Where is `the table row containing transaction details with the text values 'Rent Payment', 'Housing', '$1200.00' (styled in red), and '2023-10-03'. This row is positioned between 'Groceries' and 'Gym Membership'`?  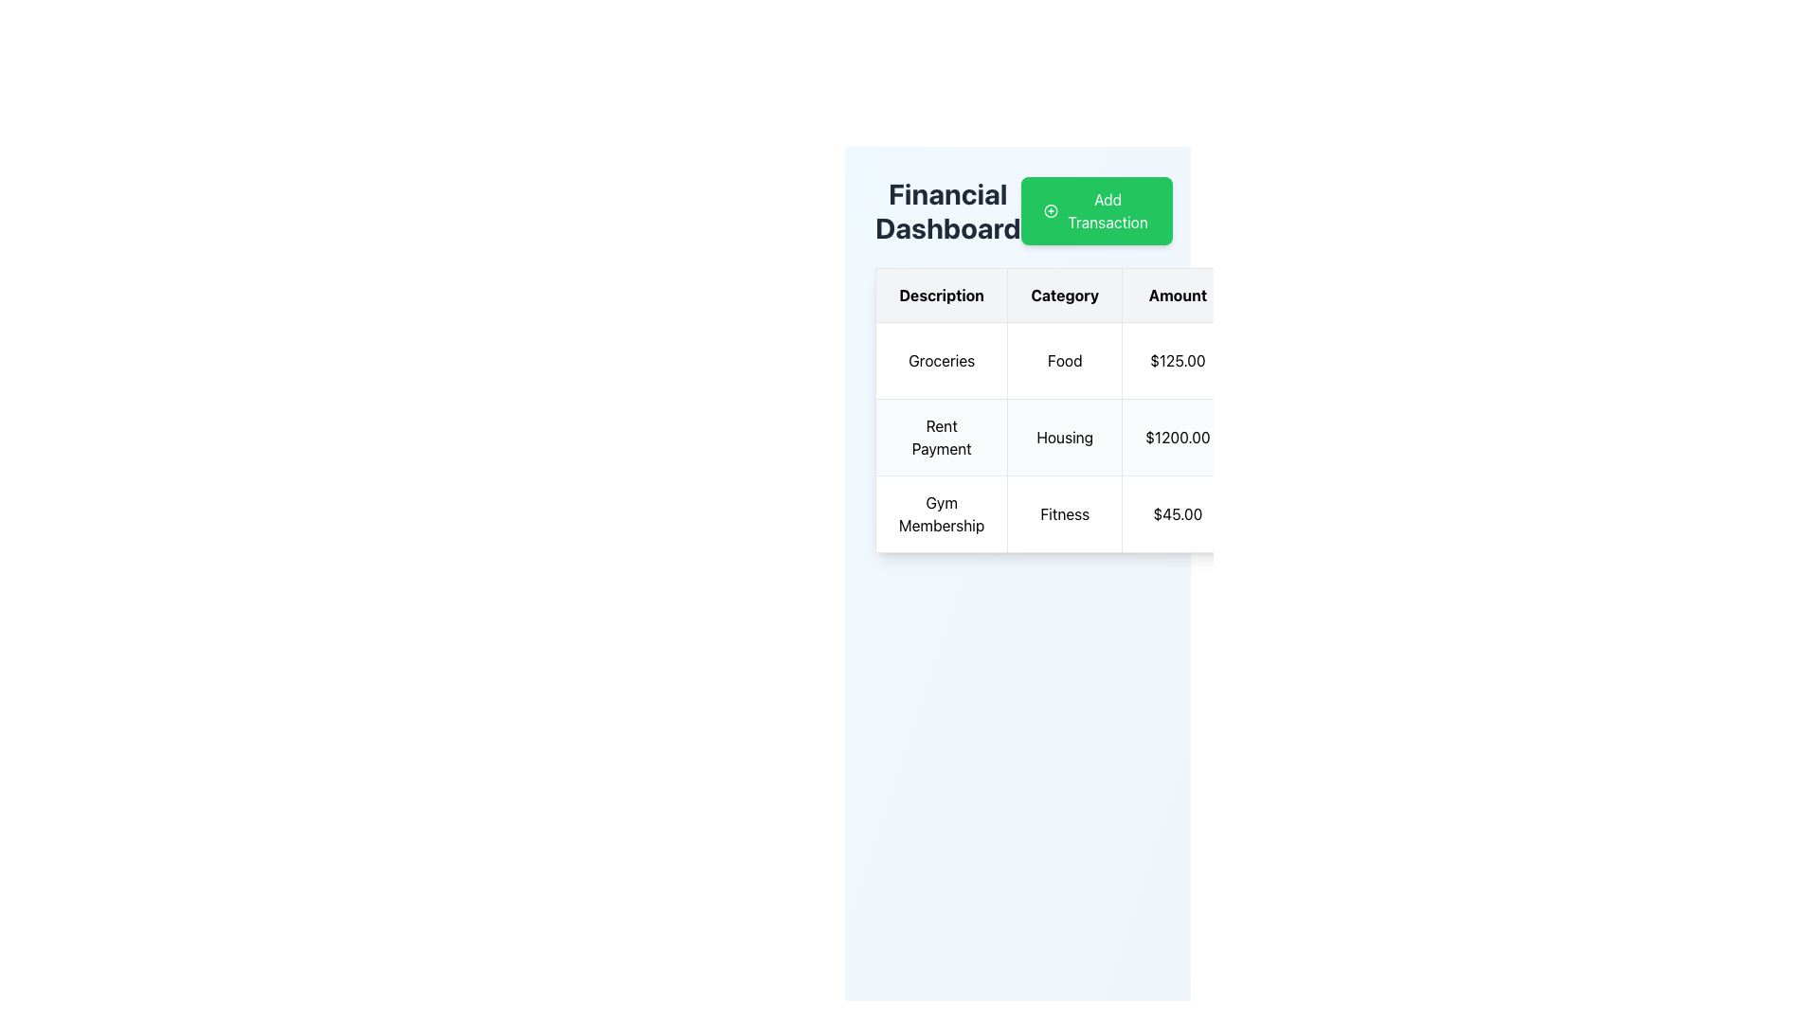 the table row containing transaction details with the text values 'Rent Payment', 'Housing', '$1200.00' (styled in red), and '2023-10-03'. This row is positioned between 'Groceries' and 'Gym Membership' is located at coordinates (1159, 438).